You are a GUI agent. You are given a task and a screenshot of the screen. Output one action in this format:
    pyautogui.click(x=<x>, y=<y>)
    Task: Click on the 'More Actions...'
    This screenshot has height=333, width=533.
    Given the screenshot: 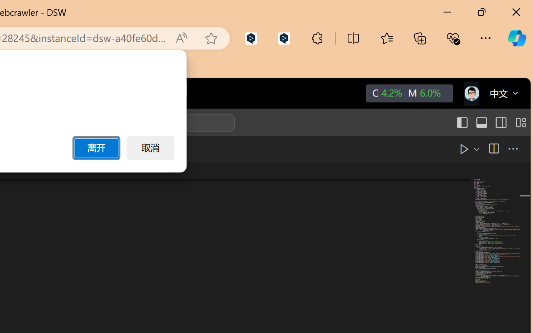 What is the action you would take?
    pyautogui.click(x=512, y=149)
    